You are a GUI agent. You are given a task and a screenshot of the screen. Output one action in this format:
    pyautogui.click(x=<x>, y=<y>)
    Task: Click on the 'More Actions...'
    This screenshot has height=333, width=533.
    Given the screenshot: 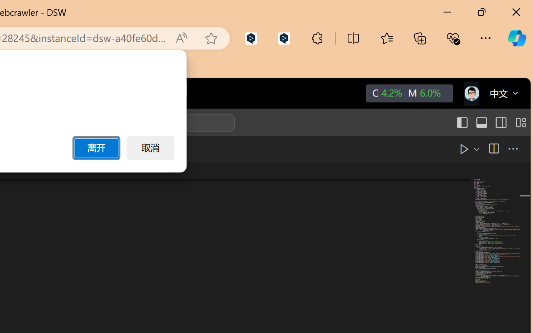 What is the action you would take?
    pyautogui.click(x=512, y=149)
    